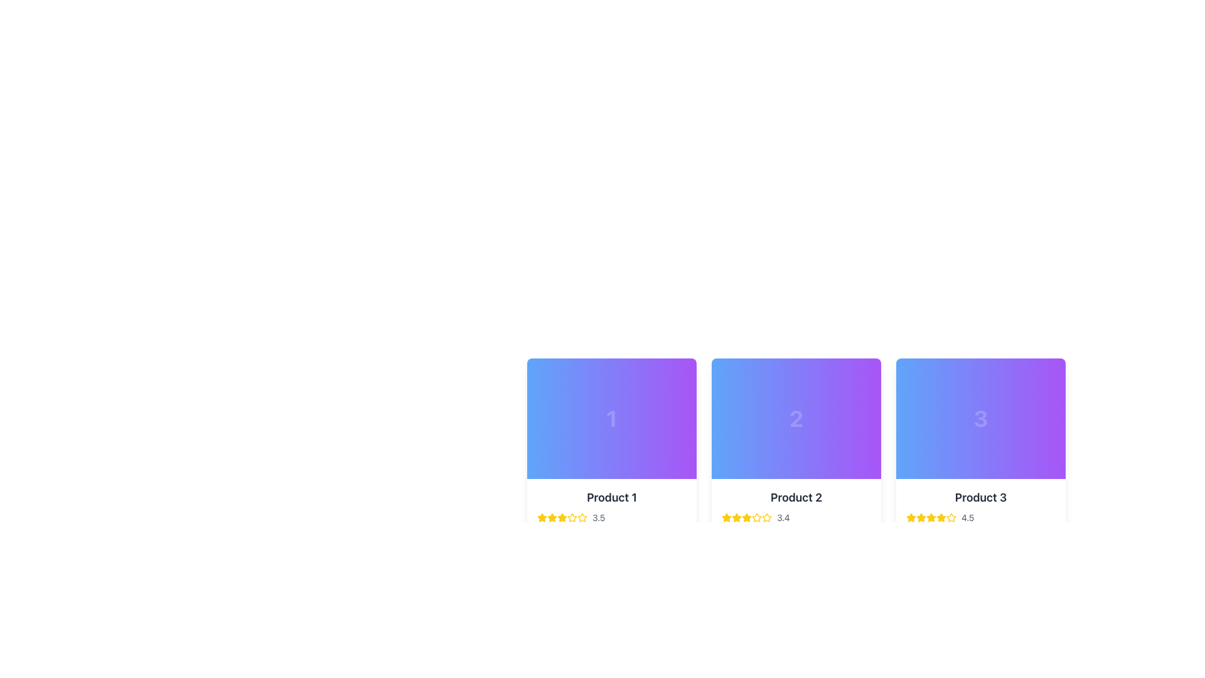 This screenshot has width=1205, height=678. What do you see at coordinates (755, 517) in the screenshot?
I see `the second yellow star-shaped UI element in the star rating component for 'Product 2' to provide rating feedback` at bounding box center [755, 517].